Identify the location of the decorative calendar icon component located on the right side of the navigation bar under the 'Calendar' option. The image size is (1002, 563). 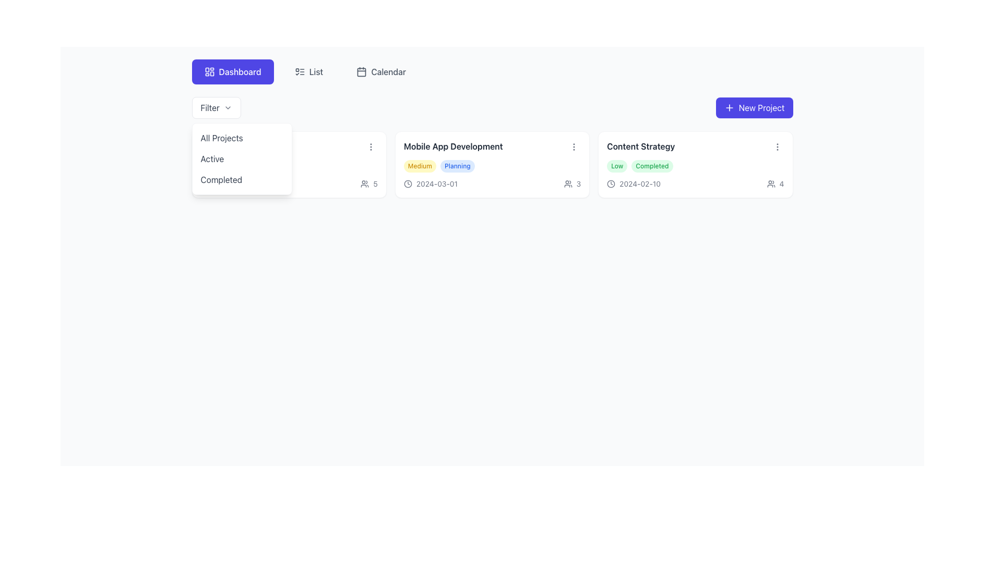
(362, 71).